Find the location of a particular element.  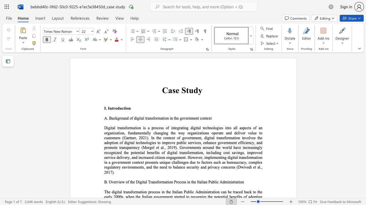

the subset text "tio" within the text "I. Introduction" is located at coordinates (123, 108).